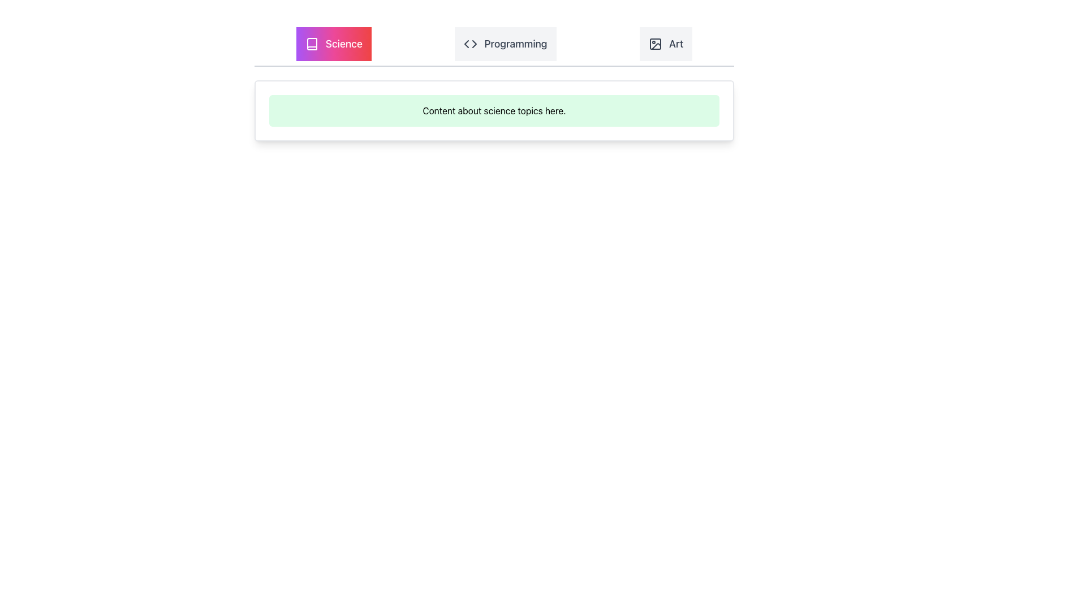 This screenshot has width=1086, height=611. Describe the element at coordinates (494, 46) in the screenshot. I see `the 'Programming' tab in the Tabs Component` at that location.